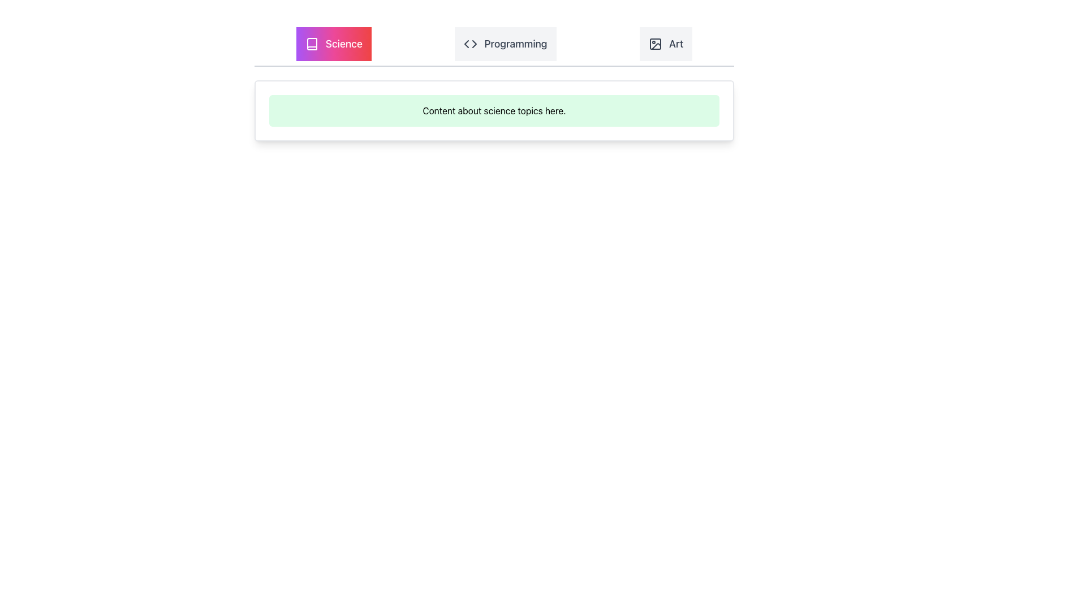 This screenshot has width=1086, height=611. Describe the element at coordinates (494, 46) in the screenshot. I see `the 'Programming' tab in the Tabs Component` at that location.